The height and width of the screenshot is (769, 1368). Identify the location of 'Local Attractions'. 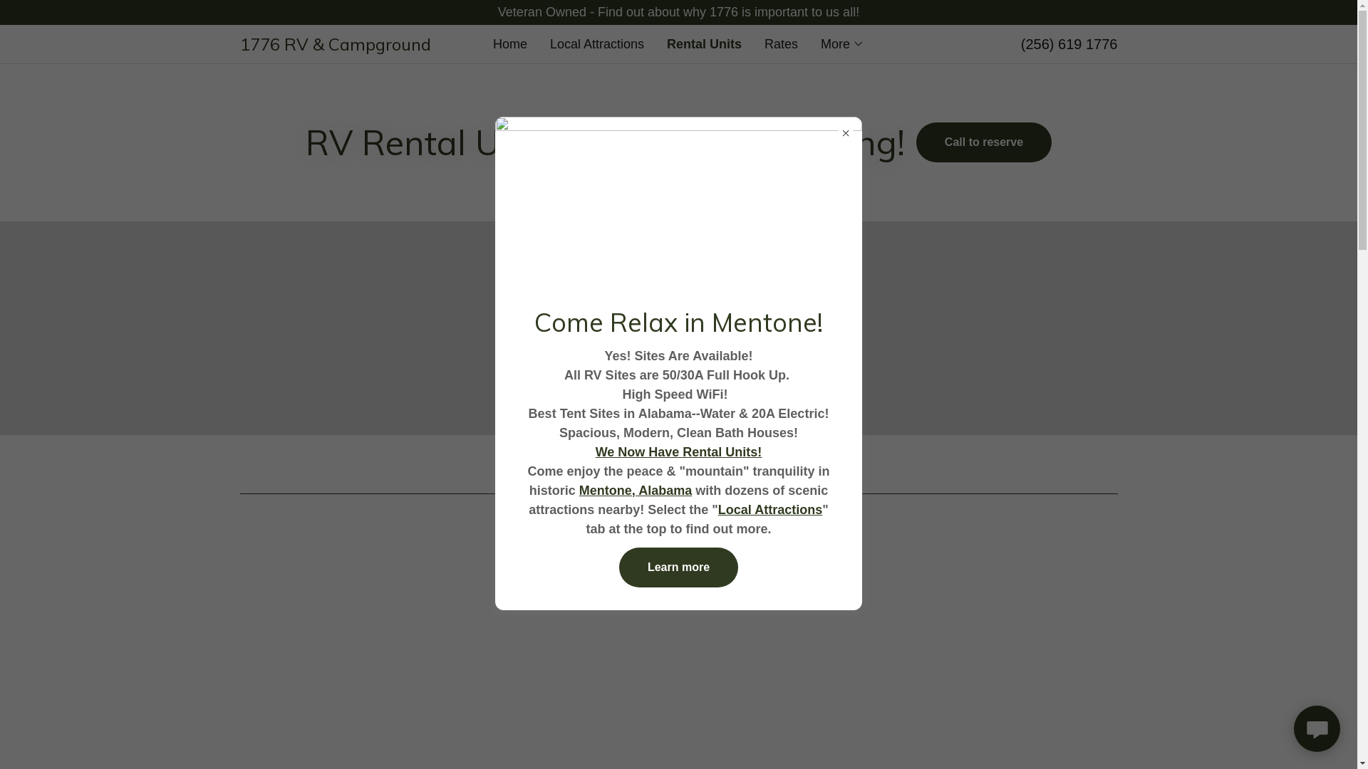
(769, 509).